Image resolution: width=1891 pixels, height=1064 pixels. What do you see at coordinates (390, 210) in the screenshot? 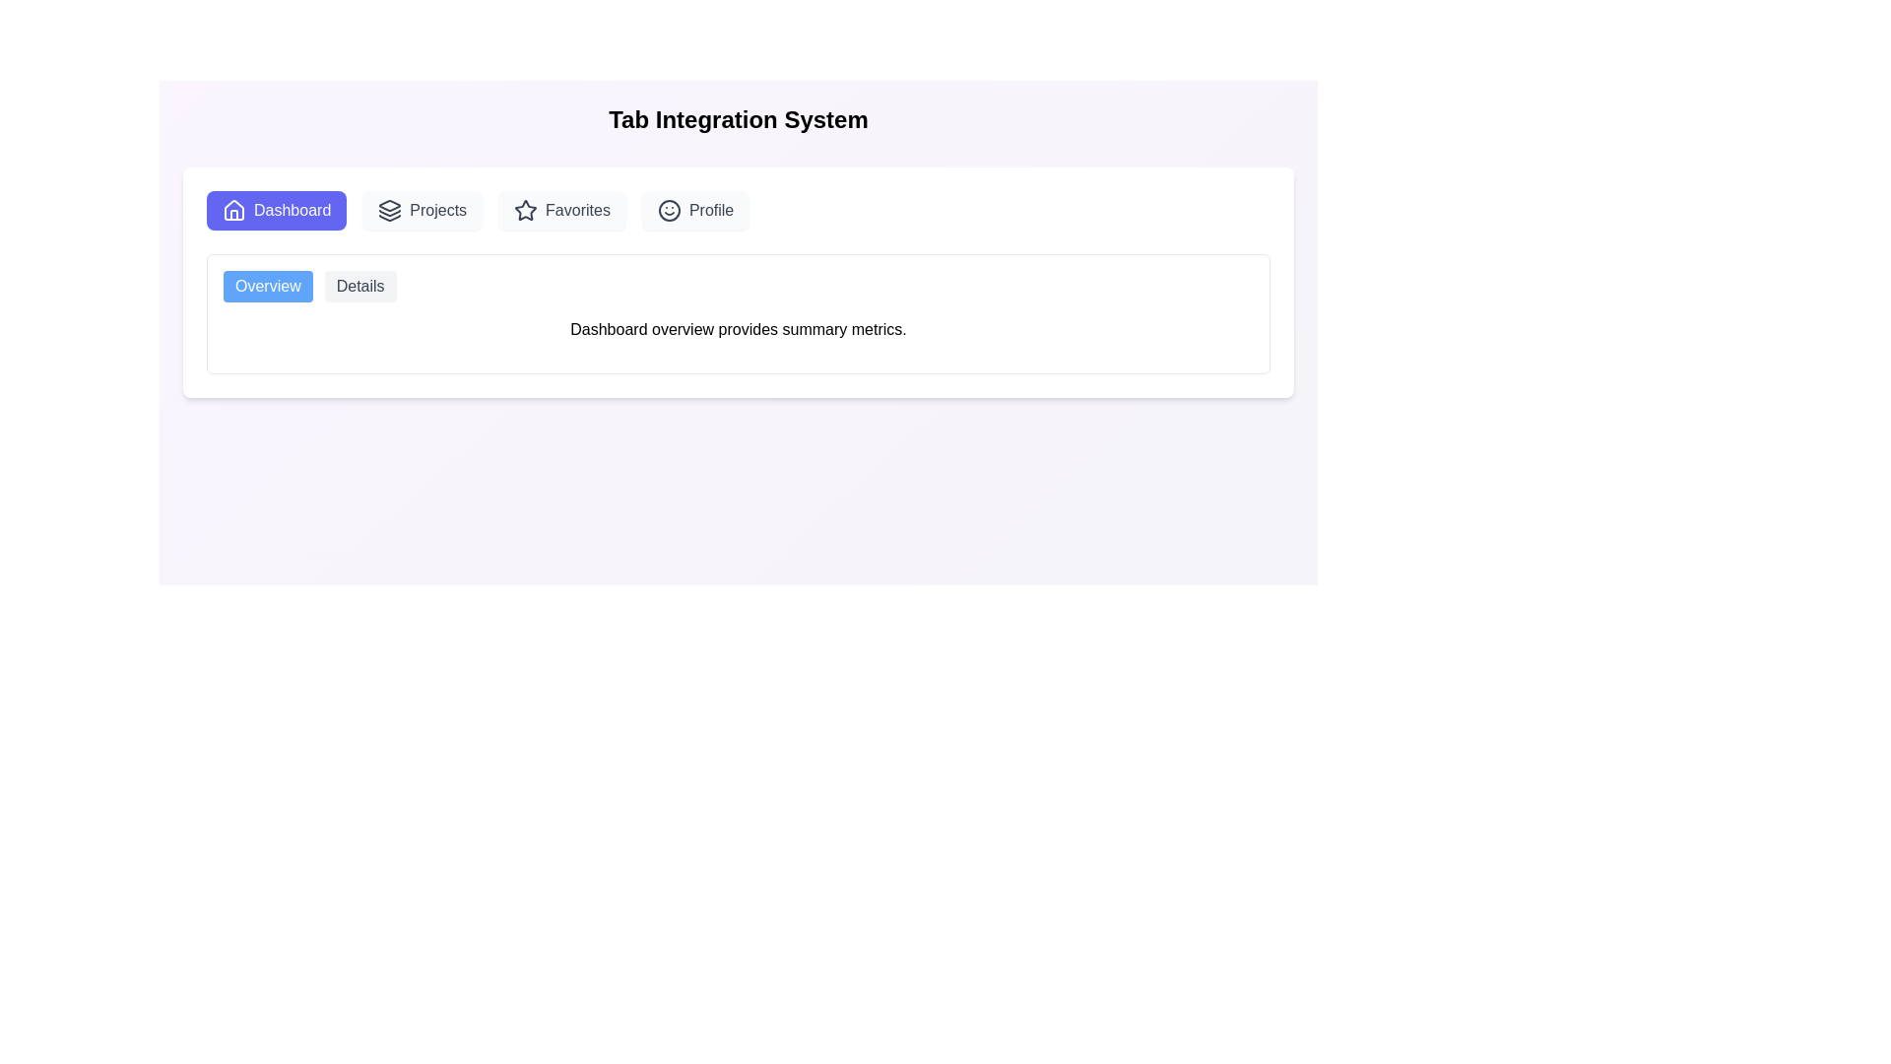
I see `the 'Projects' icon located in the navigation bar, positioned second from the left among four buttons labeled 'Dashboard', 'Projects', 'Favorites', and 'Profile'` at bounding box center [390, 210].